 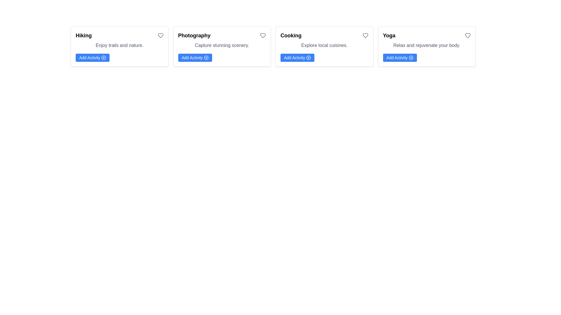 What do you see at coordinates (468, 36) in the screenshot?
I see `the heart-shaped icon in the top-right corner of the 'Yoga' card` at bounding box center [468, 36].